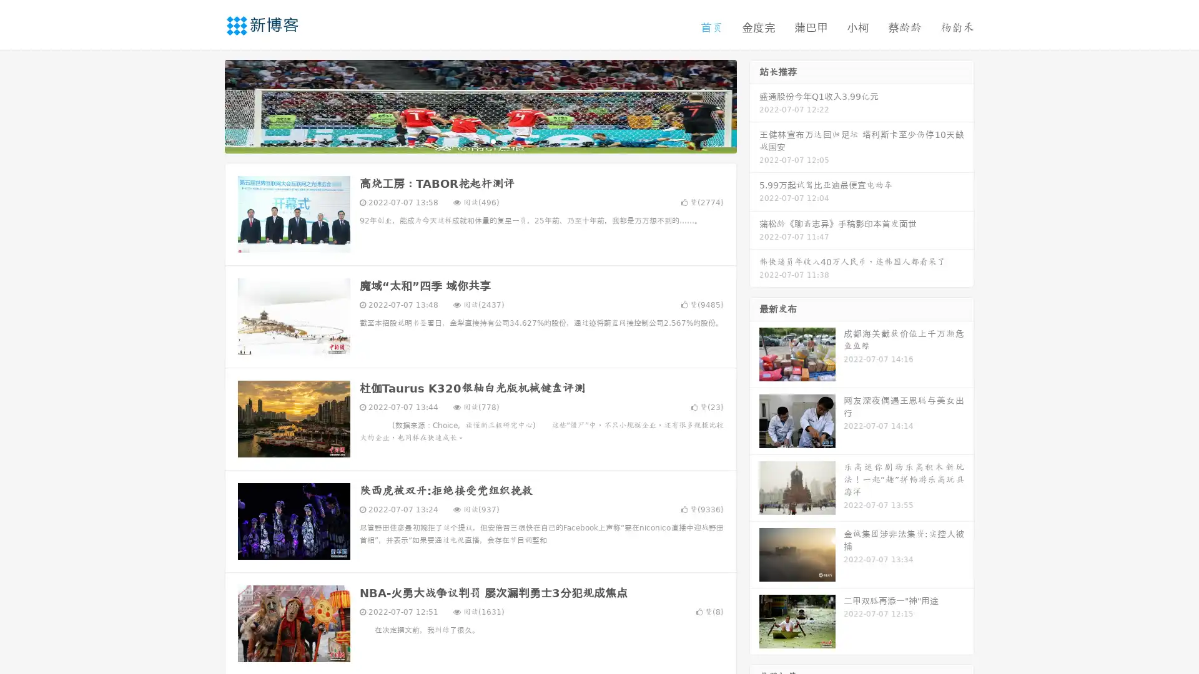 This screenshot has height=674, width=1199. Describe the element at coordinates (480, 140) in the screenshot. I see `Go to slide 2` at that location.